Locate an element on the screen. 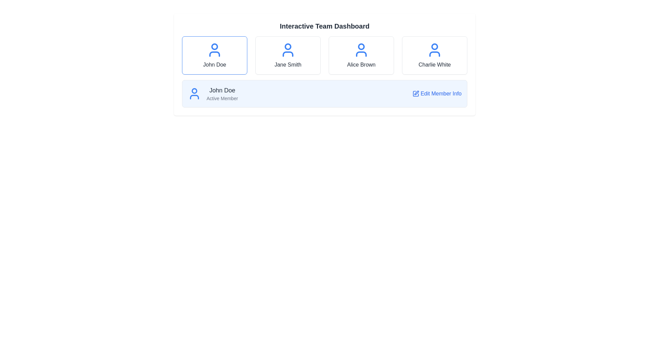  the SVG circle representing 'Alice Brown' in the team dashboard by interacting with the center of the icon is located at coordinates (361, 46).